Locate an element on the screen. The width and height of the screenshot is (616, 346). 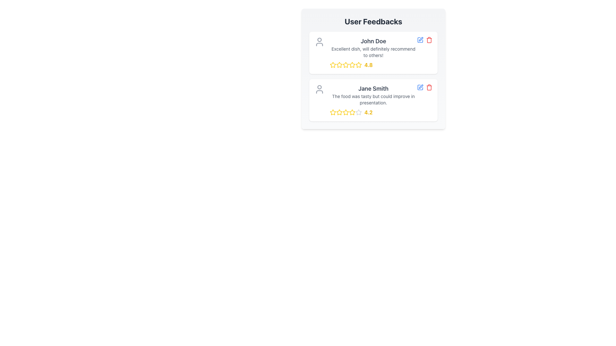
the first star in the rating system below 'John Doe' to register a rating is located at coordinates (333, 65).